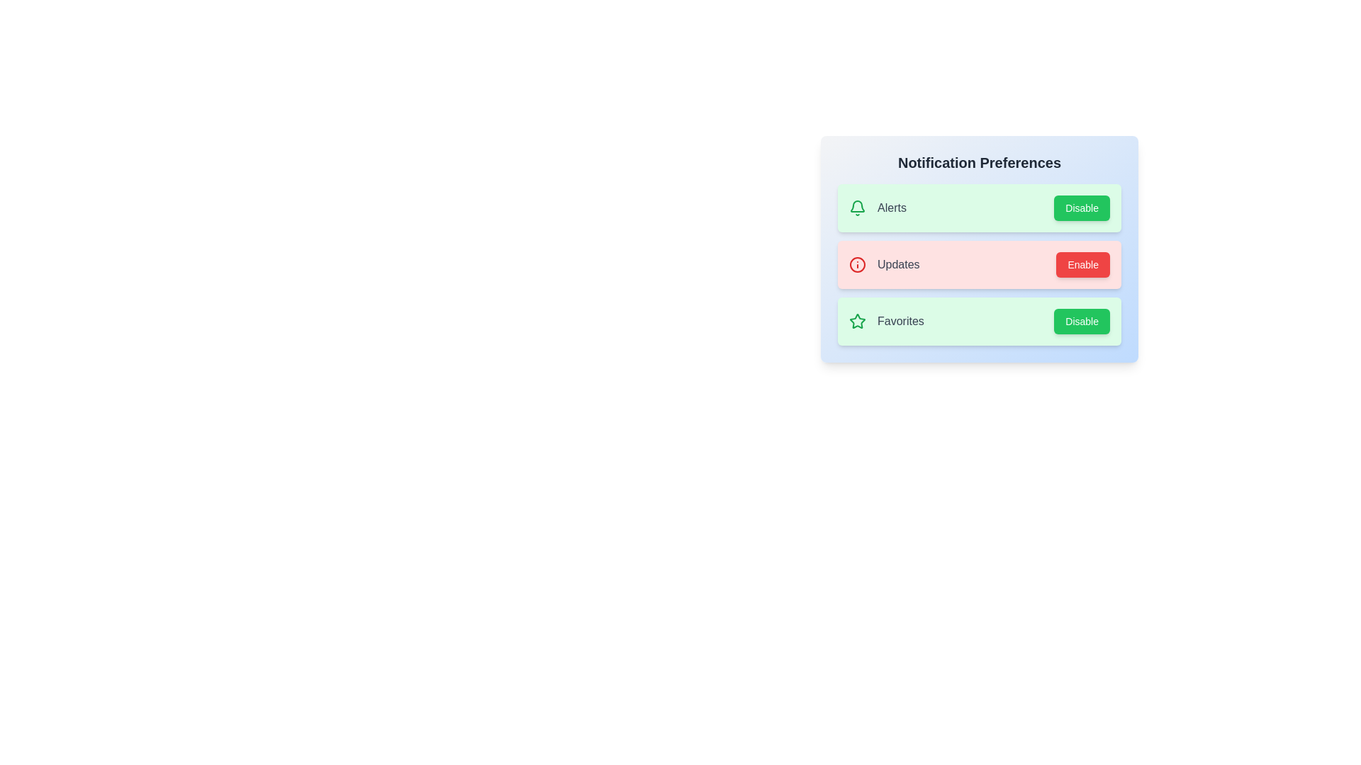 This screenshot has width=1361, height=765. I want to click on 'Disable' button for 'Alerts' to toggle its notification preference, so click(1081, 208).